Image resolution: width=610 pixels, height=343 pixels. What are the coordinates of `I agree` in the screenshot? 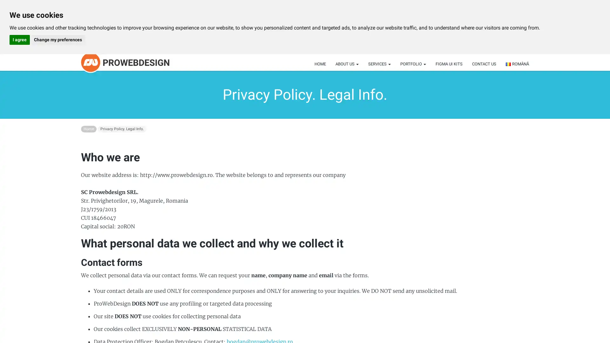 It's located at (20, 40).